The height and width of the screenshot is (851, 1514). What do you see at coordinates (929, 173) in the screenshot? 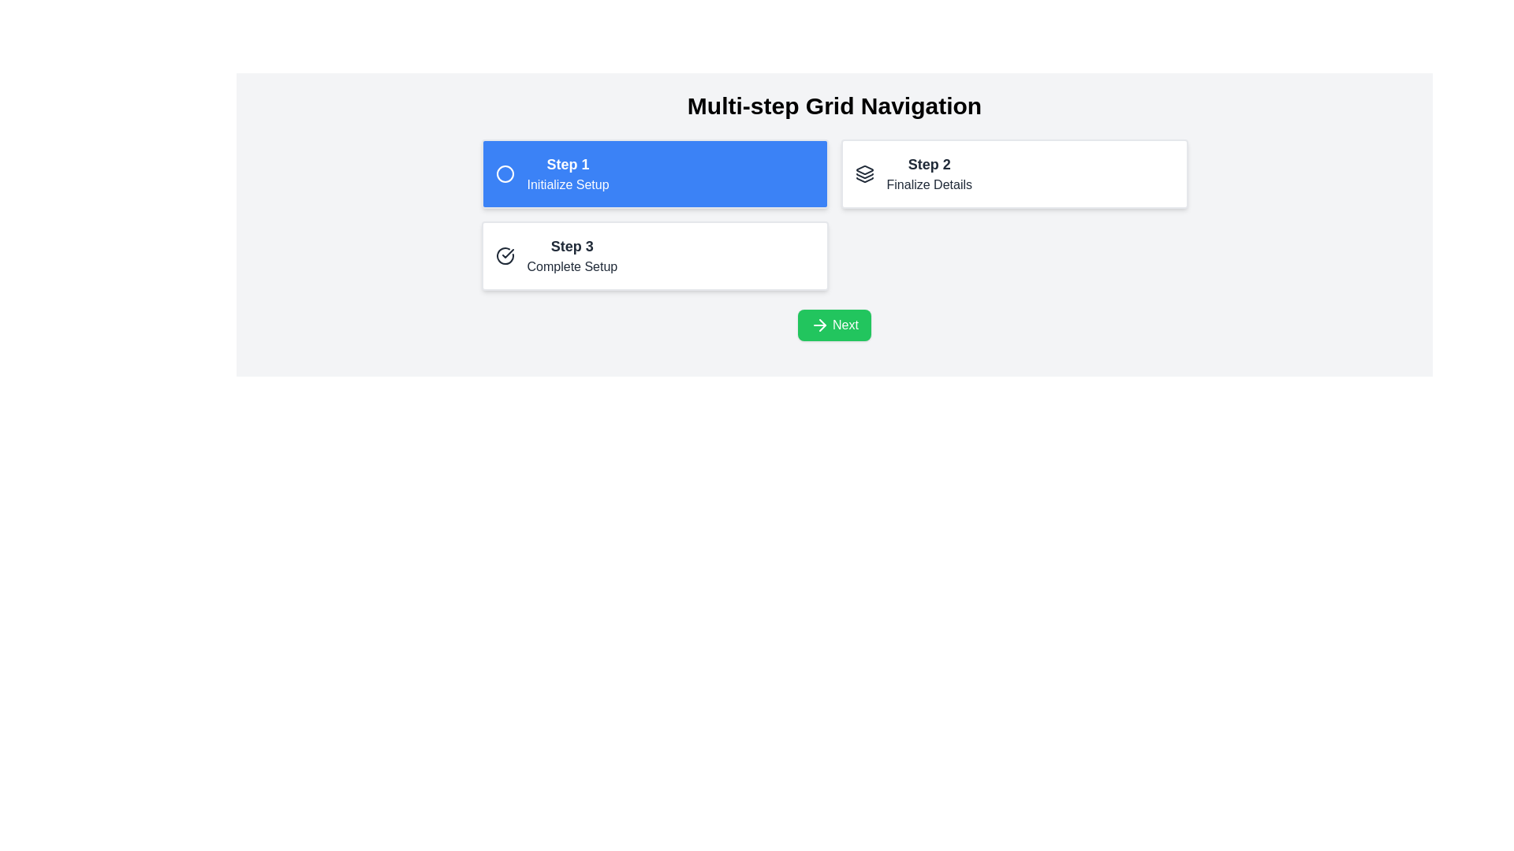
I see `the 'Finalize Details' group element, which is the second step in the multi-step navigation process, located in the top-right of 'Step 1' and above 'Step 3'` at bounding box center [929, 173].